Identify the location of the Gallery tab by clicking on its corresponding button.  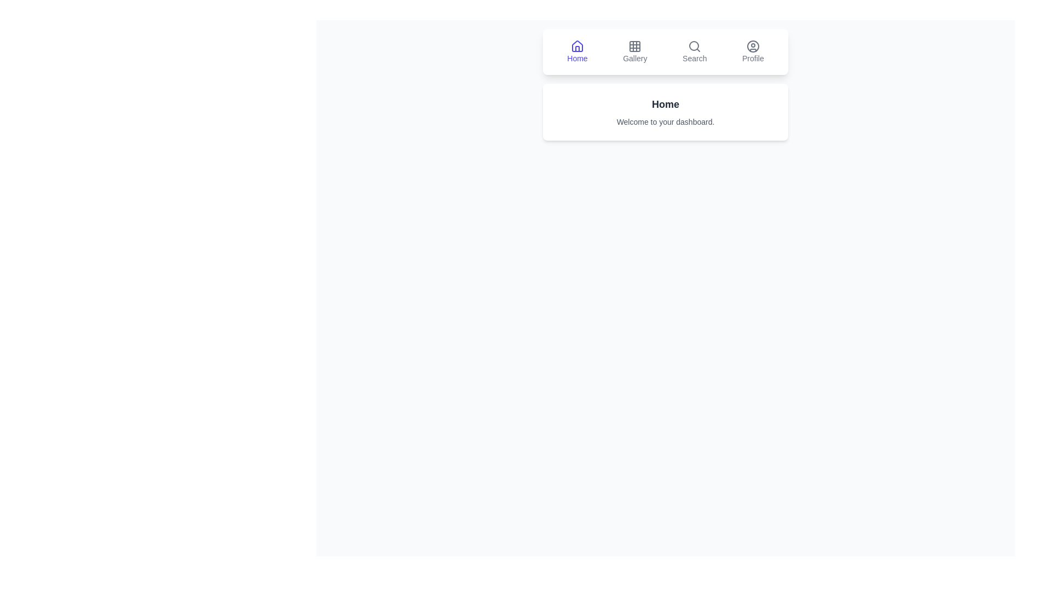
(635, 52).